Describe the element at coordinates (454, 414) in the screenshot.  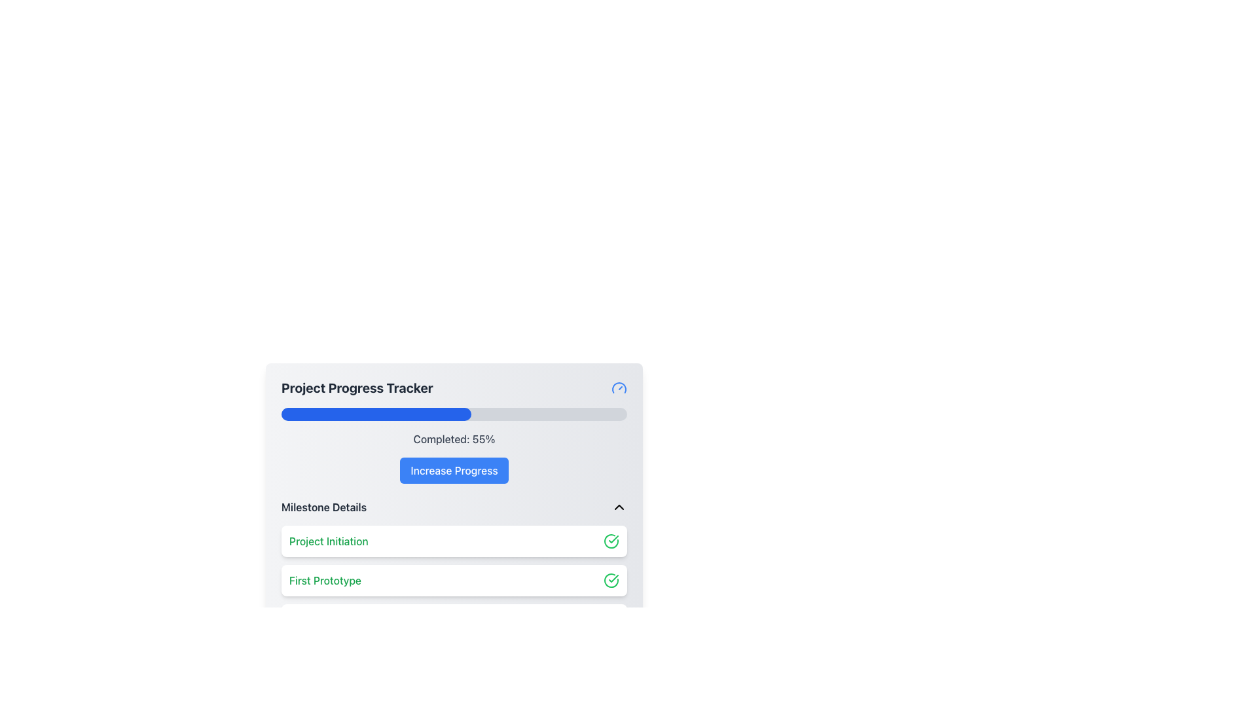
I see `Progress Bar element located below the heading 'Project Progress Tracker' and above the text 'Completed: 55%' for debugging purposes` at that location.